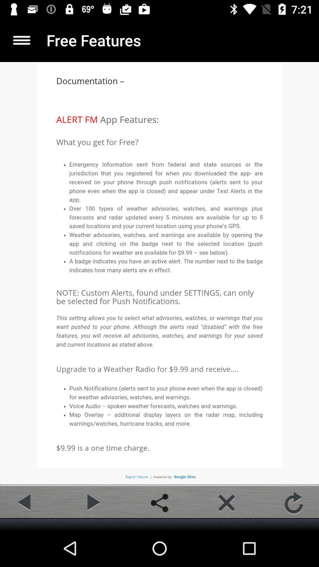  Describe the element at coordinates (92, 503) in the screenshot. I see `the play icon` at that location.